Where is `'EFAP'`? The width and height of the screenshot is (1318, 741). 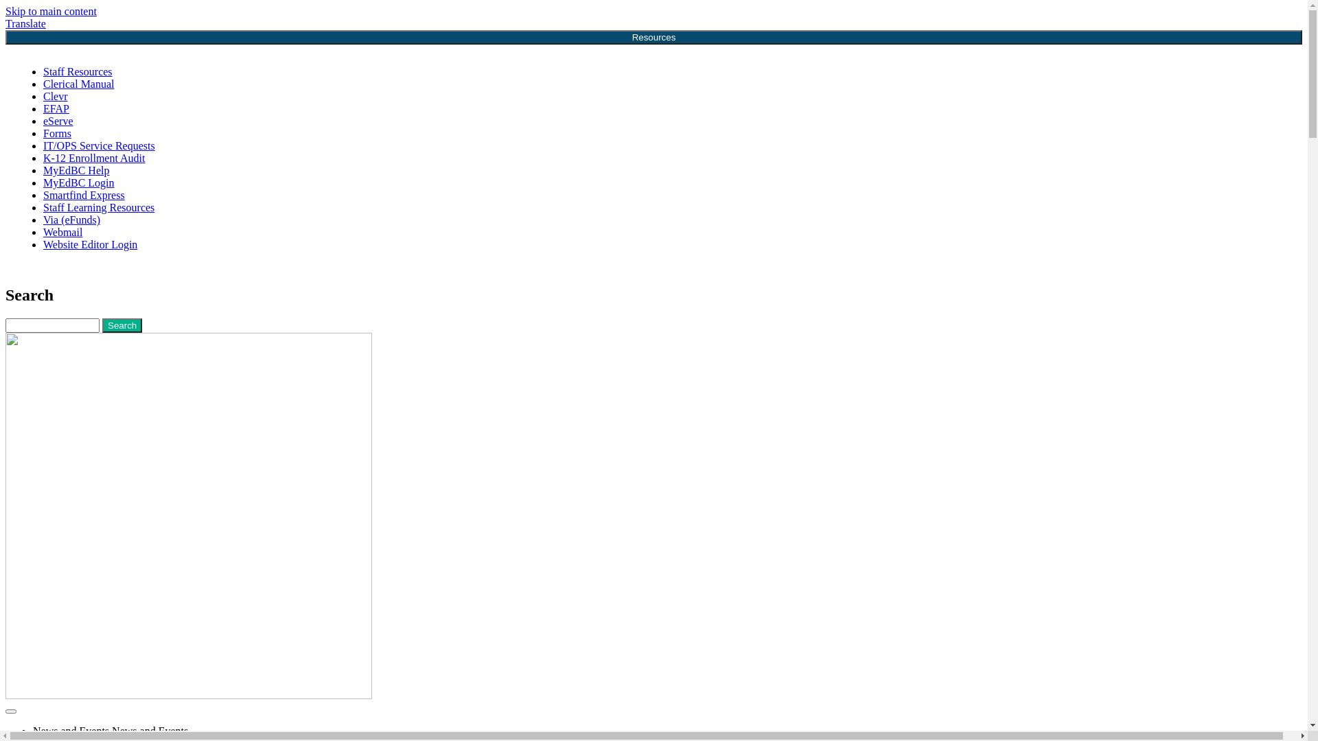 'EFAP' is located at coordinates (55, 108).